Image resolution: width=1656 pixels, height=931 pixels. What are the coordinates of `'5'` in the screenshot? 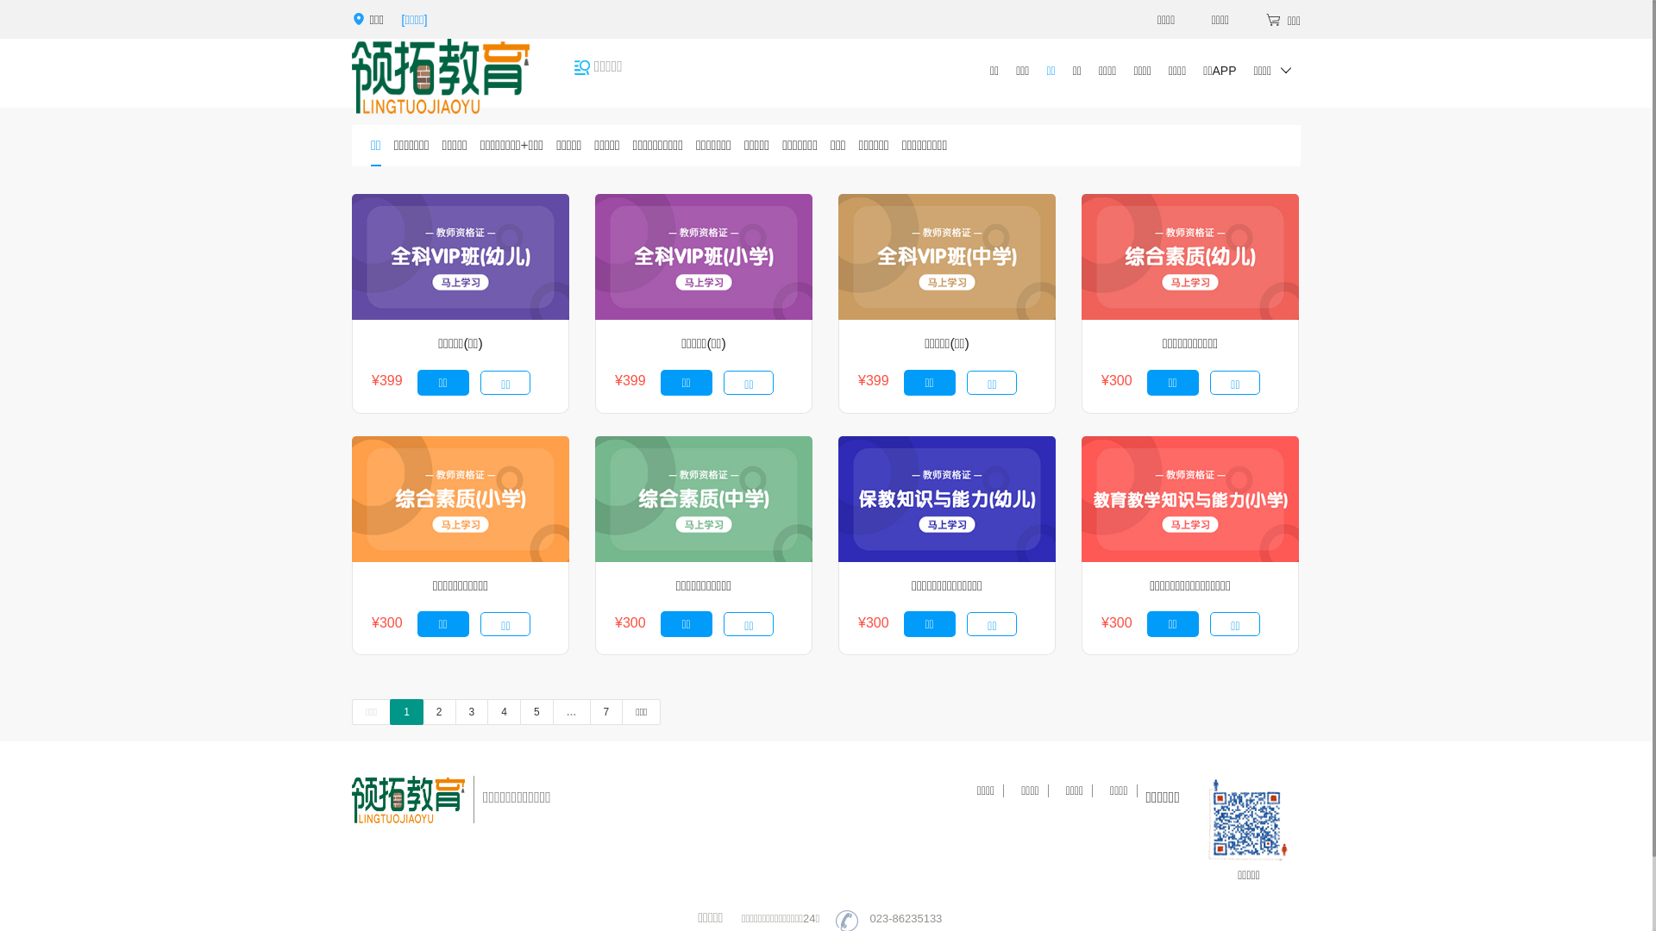 It's located at (536, 711).